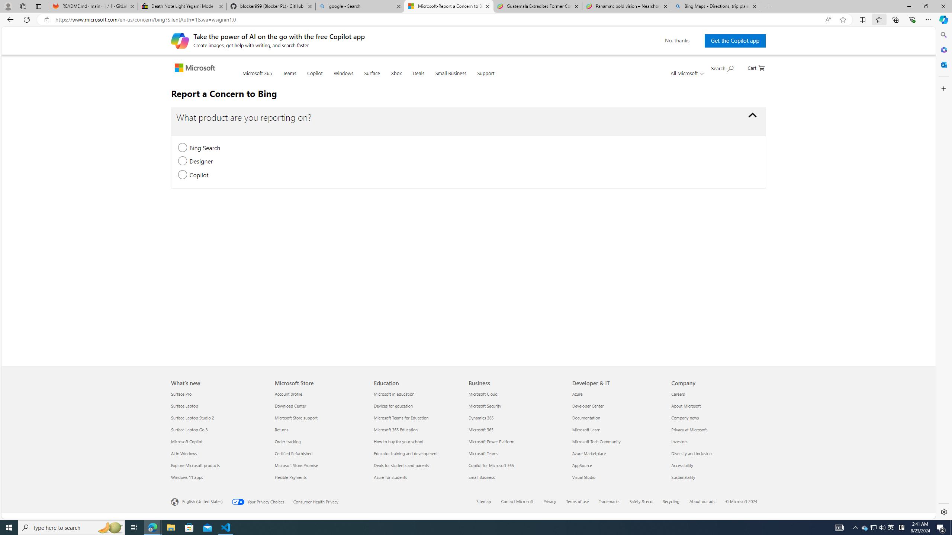 The image size is (952, 535). What do you see at coordinates (488, 502) in the screenshot?
I see `'Sitemap'` at bounding box center [488, 502].